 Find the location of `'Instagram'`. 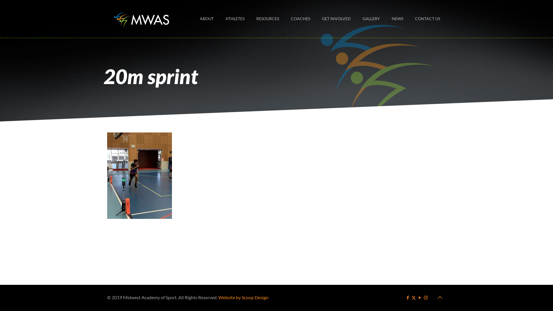

'Instagram' is located at coordinates (426, 297).